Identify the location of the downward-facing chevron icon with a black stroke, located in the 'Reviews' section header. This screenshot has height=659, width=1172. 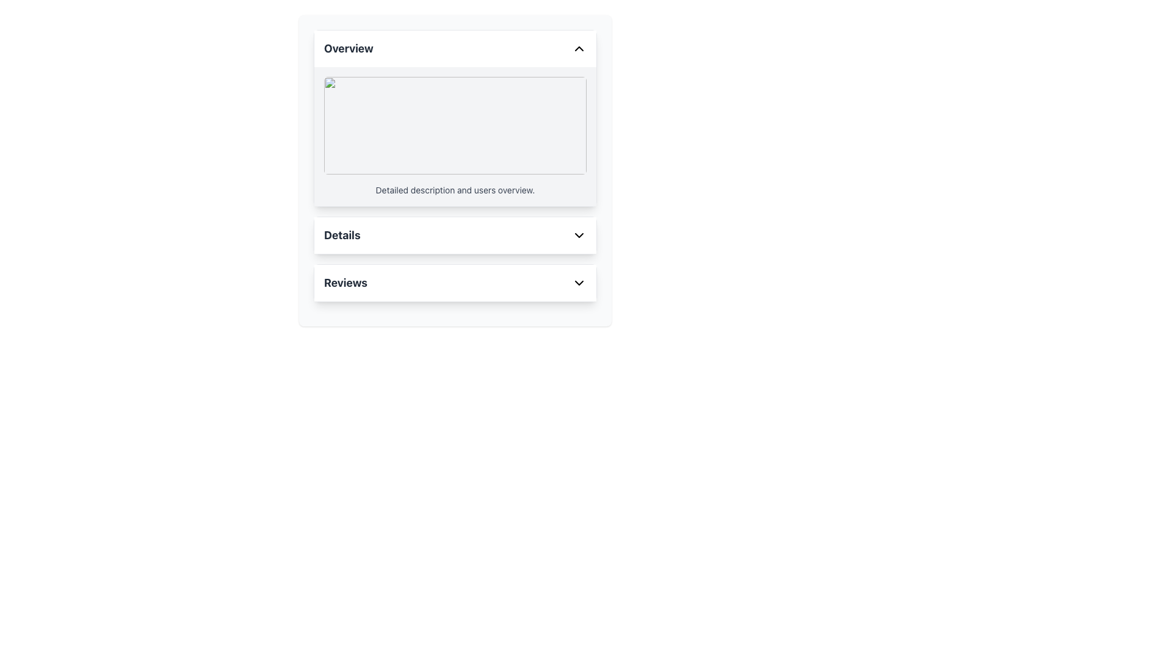
(579, 283).